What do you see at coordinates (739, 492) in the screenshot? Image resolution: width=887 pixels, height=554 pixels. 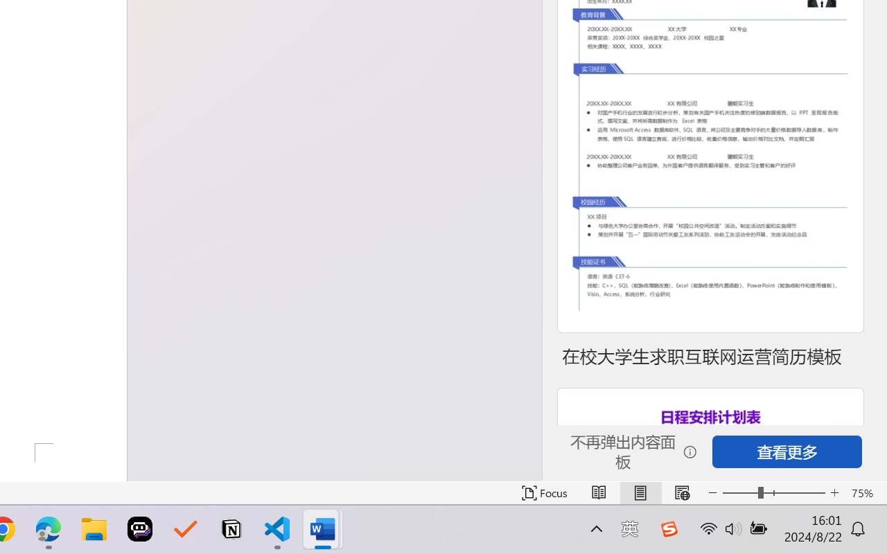 I see `'Zoom Out'` at bounding box center [739, 492].